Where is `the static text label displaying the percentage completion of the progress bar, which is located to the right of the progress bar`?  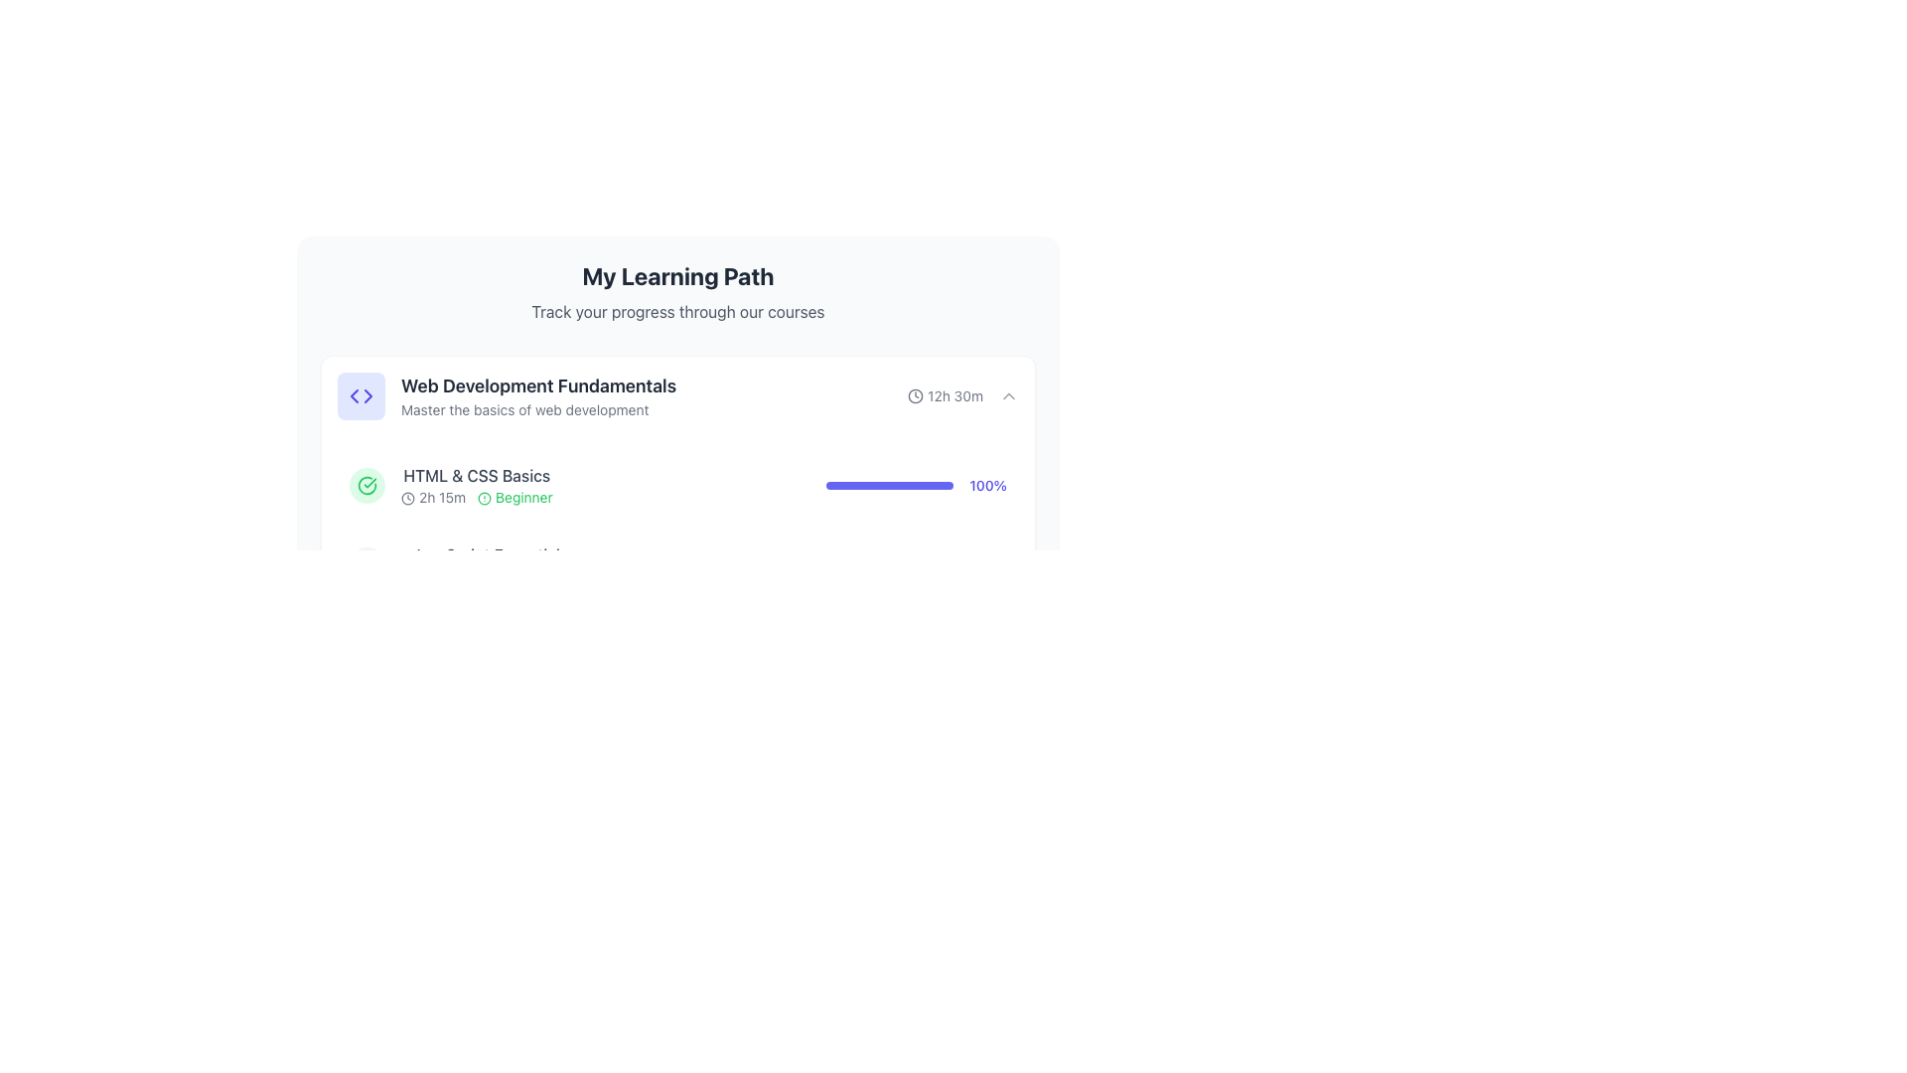 the static text label displaying the percentage completion of the progress bar, which is located to the right of the progress bar is located at coordinates (988, 486).